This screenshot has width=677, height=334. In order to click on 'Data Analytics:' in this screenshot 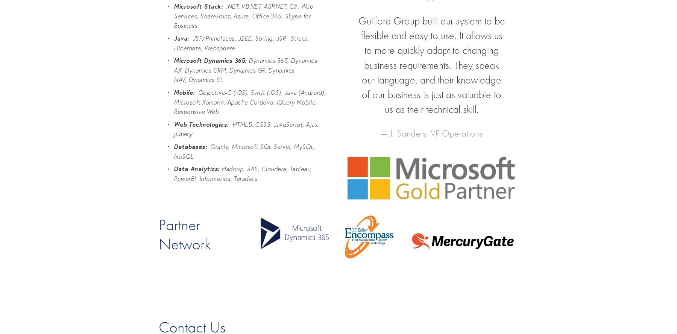, I will do `click(197, 169)`.